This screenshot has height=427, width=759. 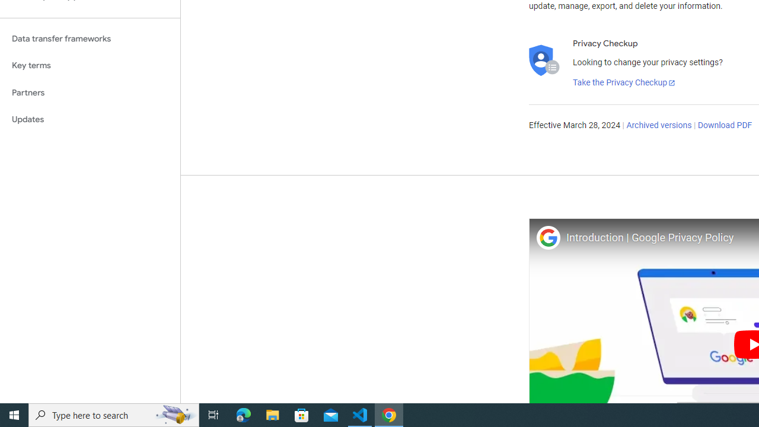 I want to click on 'Partners', so click(x=90, y=92).